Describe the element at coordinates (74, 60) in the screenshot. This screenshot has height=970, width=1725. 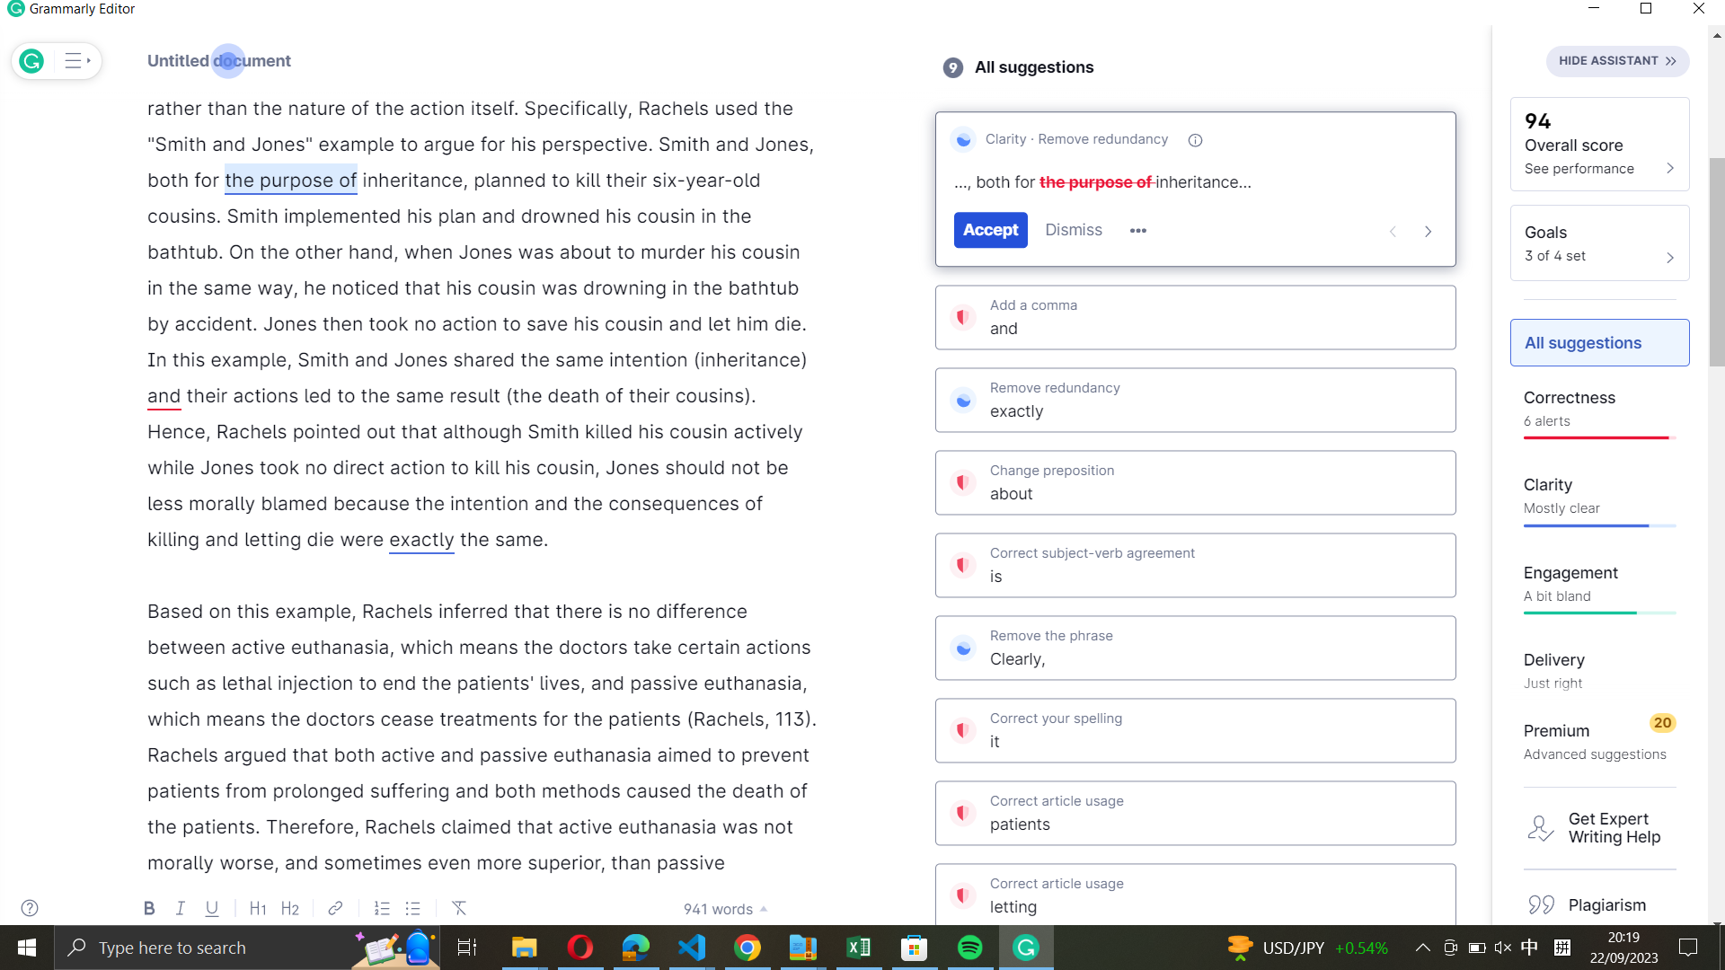
I see `Expand the menu view` at that location.